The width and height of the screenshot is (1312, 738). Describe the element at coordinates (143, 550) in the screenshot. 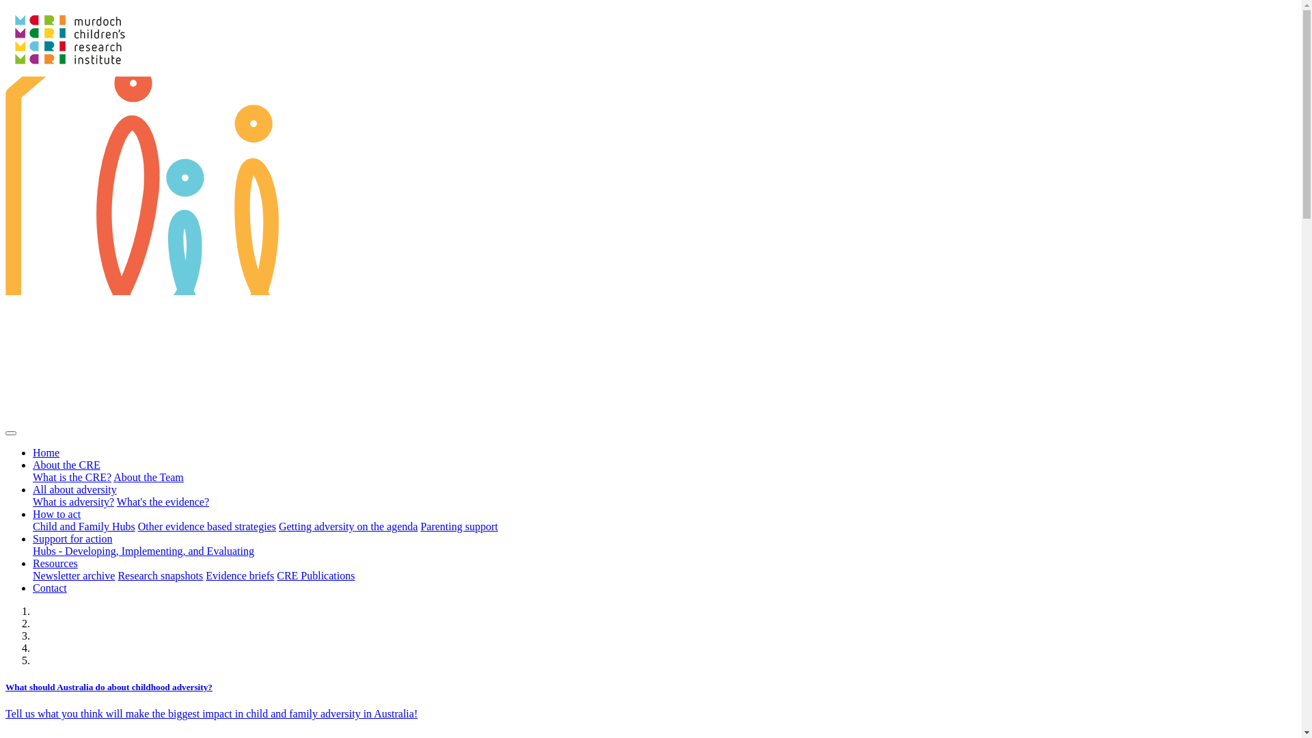

I see `'Hubs - Developing, Implementing, and Evaluating'` at that location.